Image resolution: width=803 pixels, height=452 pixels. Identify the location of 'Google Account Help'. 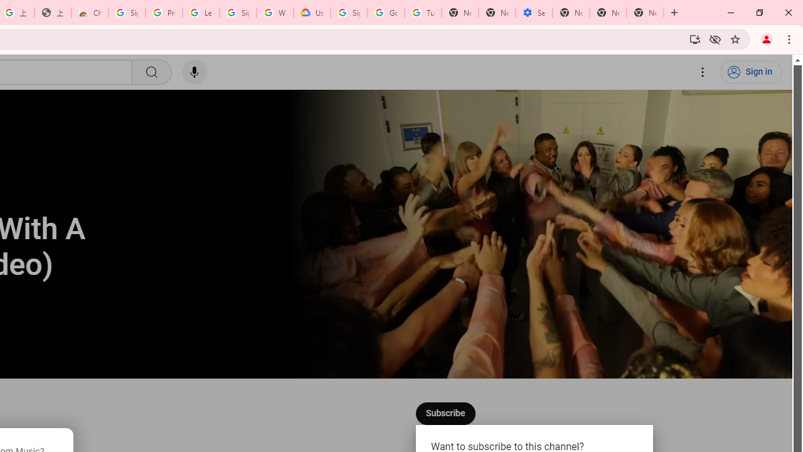
(385, 13).